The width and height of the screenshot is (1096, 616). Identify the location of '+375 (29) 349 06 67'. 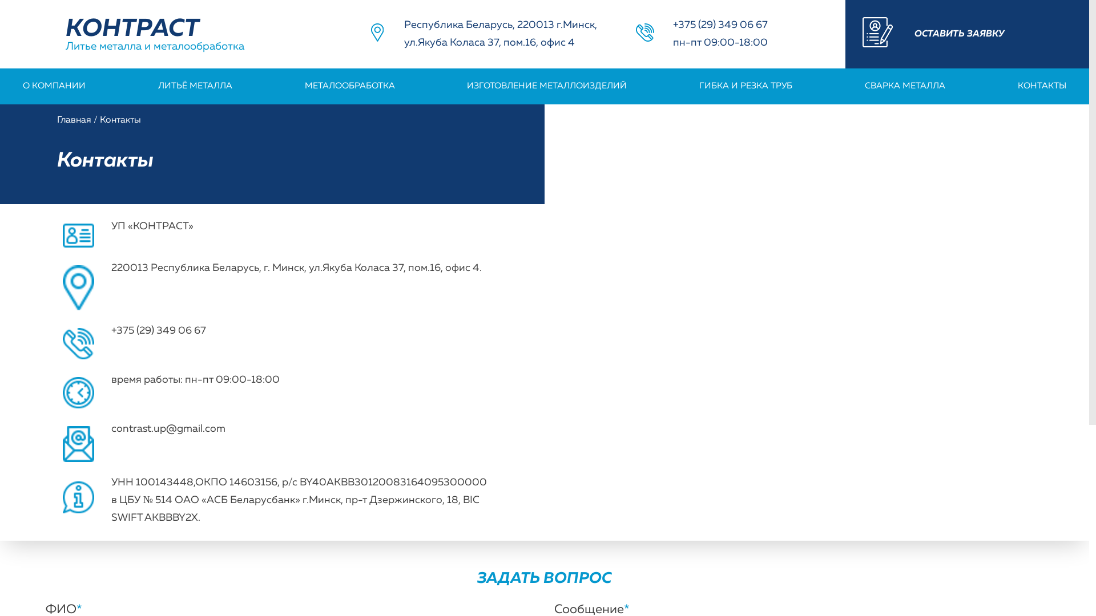
(673, 25).